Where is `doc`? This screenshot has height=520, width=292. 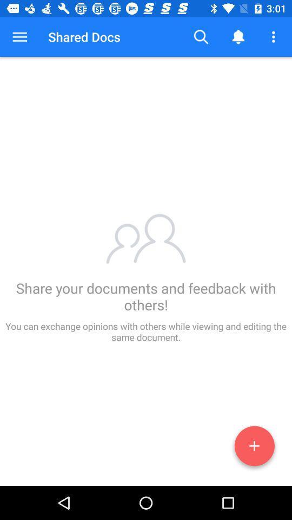 doc is located at coordinates (254, 448).